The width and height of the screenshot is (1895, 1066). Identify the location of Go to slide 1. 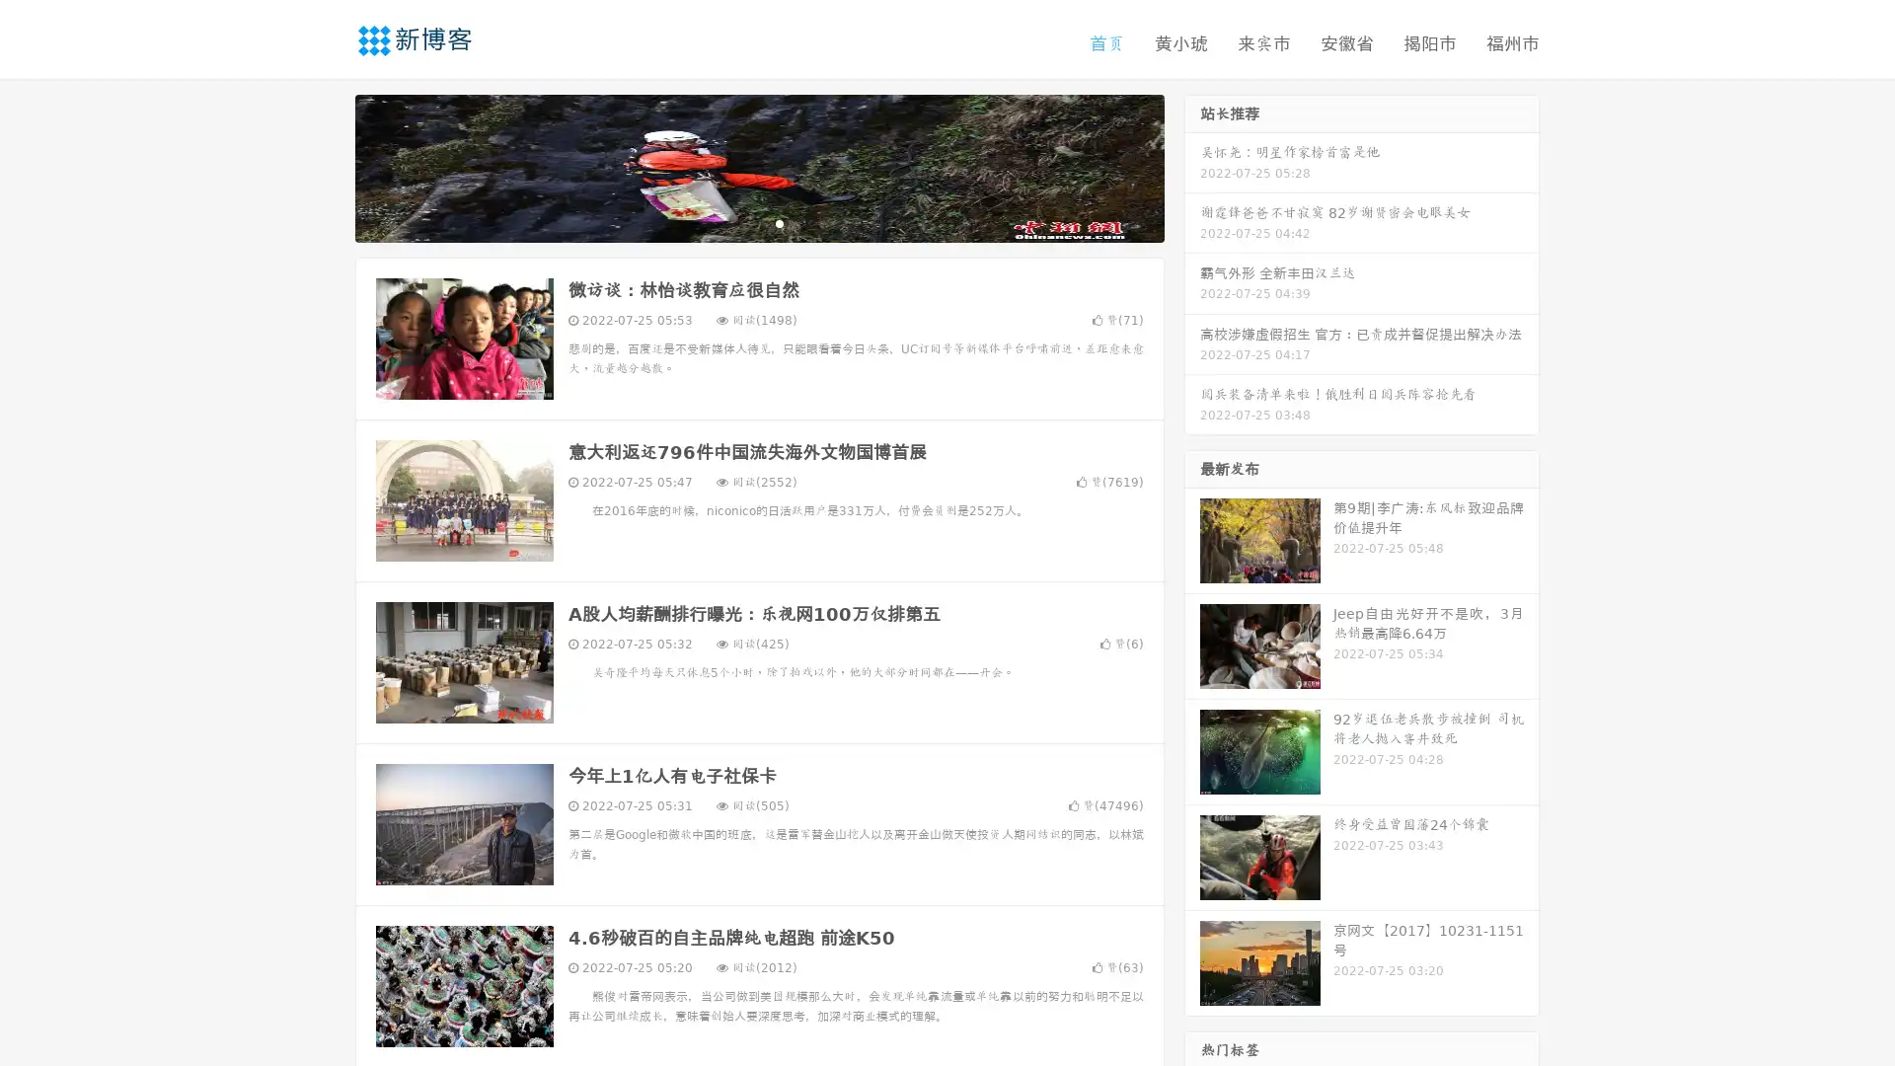
(738, 222).